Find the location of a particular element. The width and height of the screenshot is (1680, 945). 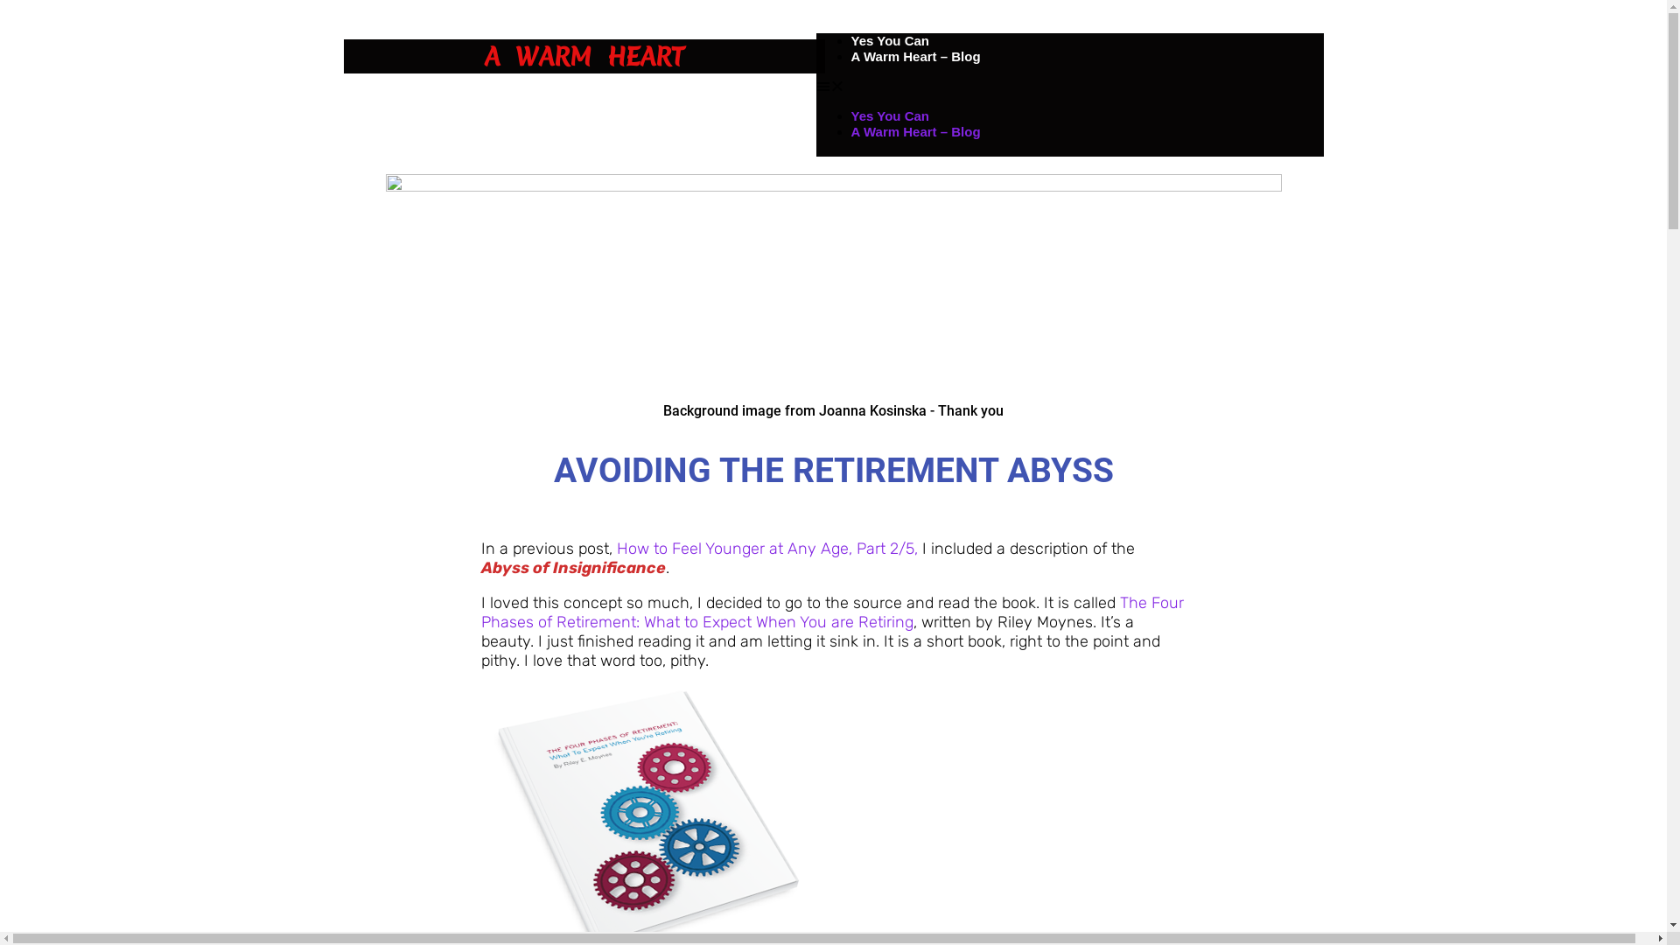

'Yes You Can' is located at coordinates (889, 115).